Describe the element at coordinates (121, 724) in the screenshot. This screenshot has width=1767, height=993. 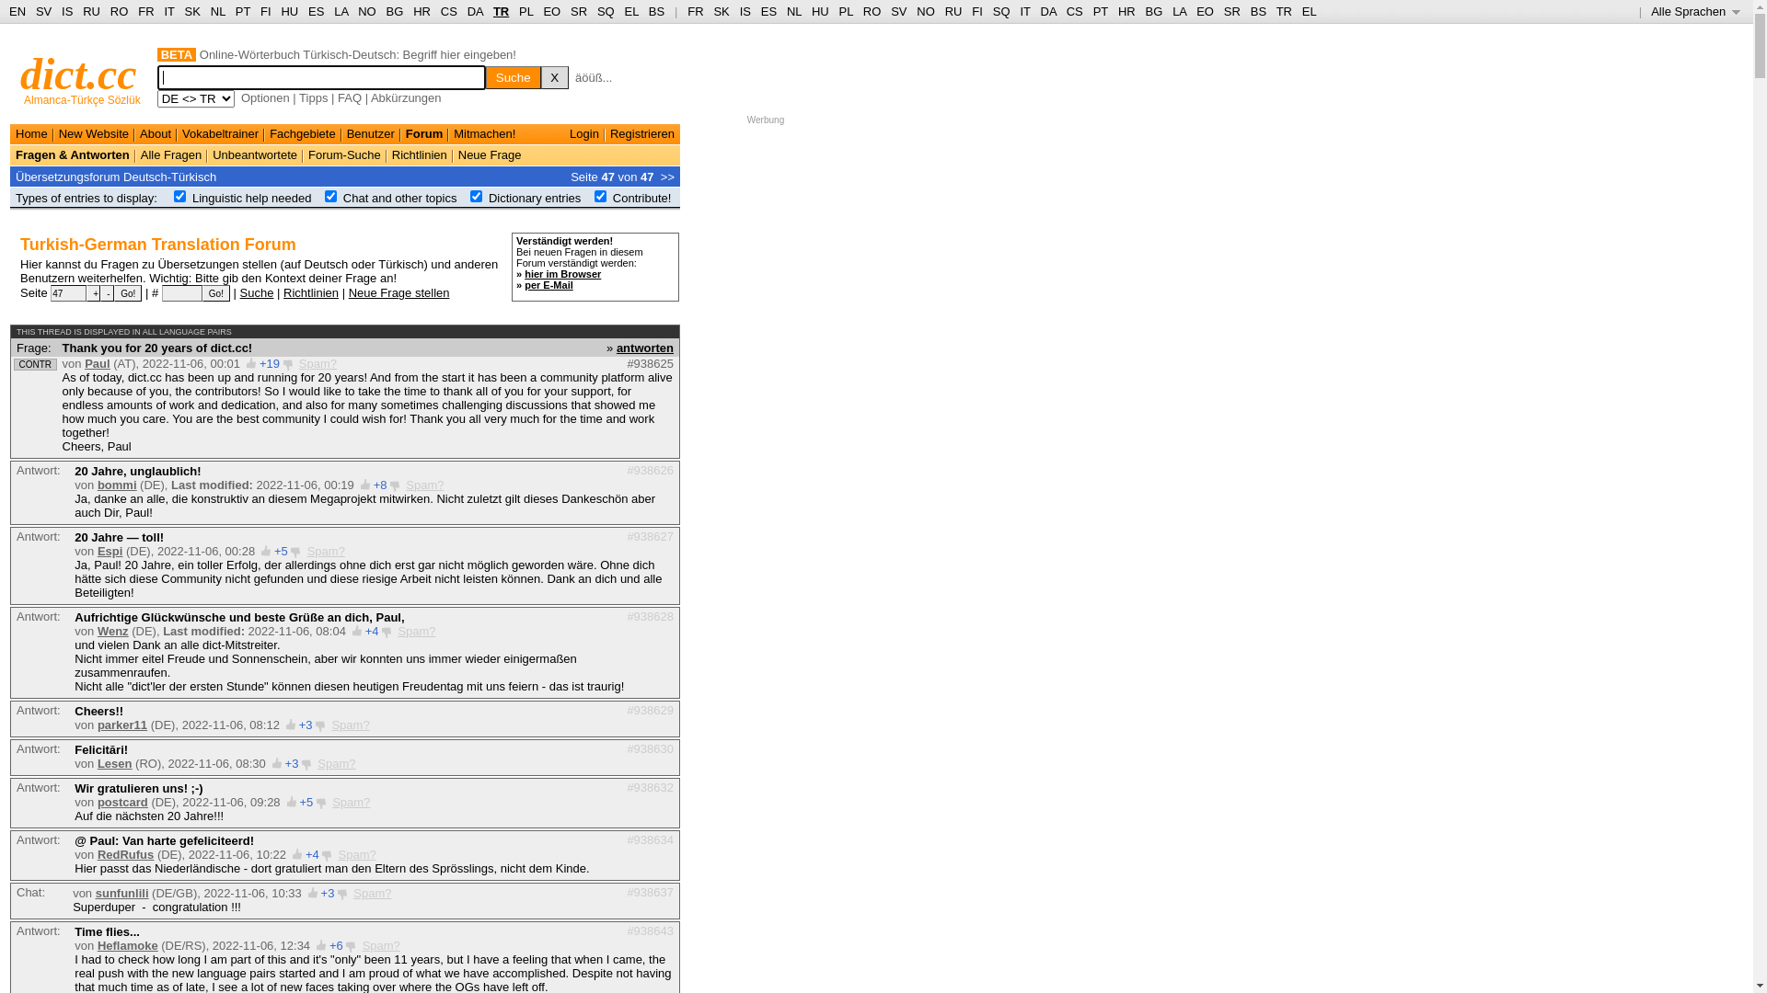
I see `'parker11'` at that location.